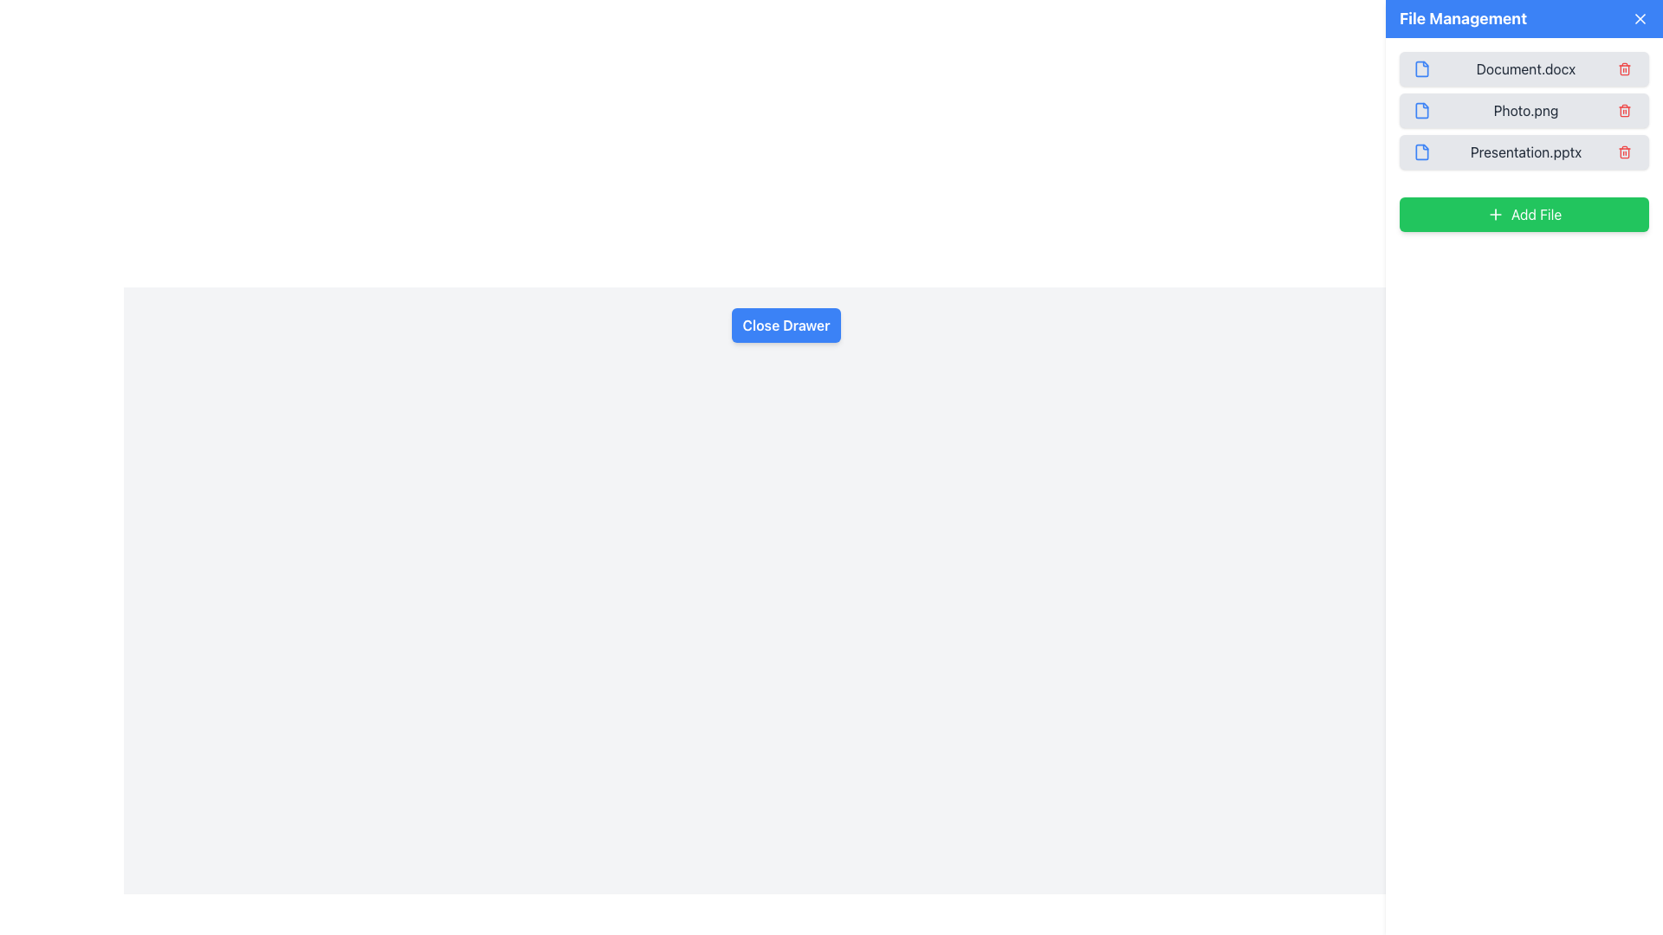  I want to click on the file type icon representing 'Document.docx' located at the start of the first row in the 'File Management' panel, so click(1421, 68).